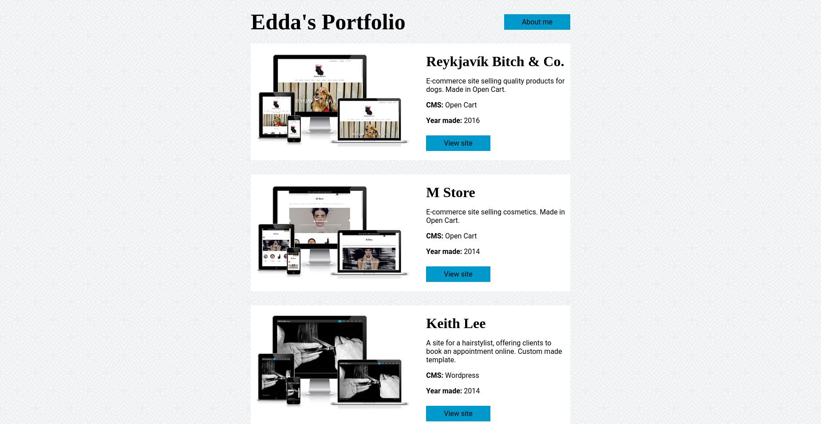 The width and height of the screenshot is (821, 424). Describe the element at coordinates (494, 85) in the screenshot. I see `'E-commerce site selling quality products for dogs. Made in Open Cart.'` at that location.